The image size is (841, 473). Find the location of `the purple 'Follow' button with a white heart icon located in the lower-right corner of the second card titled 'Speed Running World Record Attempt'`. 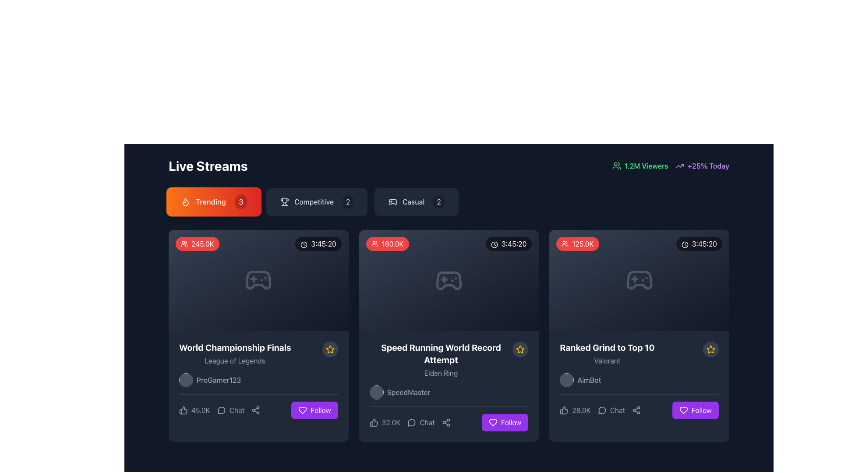

the purple 'Follow' button with a white heart icon located in the lower-right corner of the second card titled 'Speed Running World Record Attempt' is located at coordinates (505, 422).